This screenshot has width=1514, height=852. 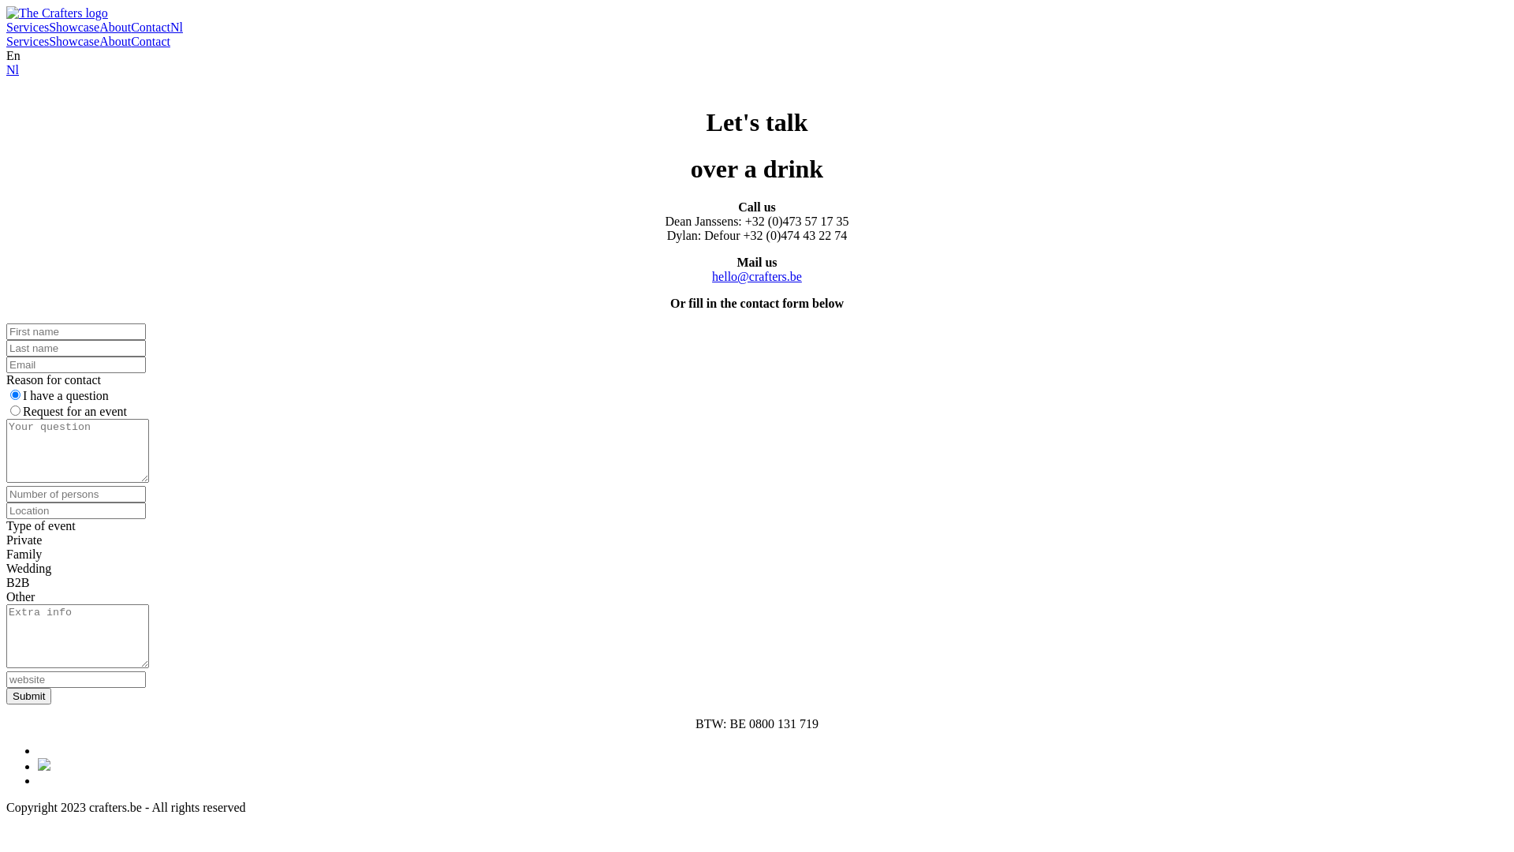 What do you see at coordinates (114, 40) in the screenshot?
I see `'About'` at bounding box center [114, 40].